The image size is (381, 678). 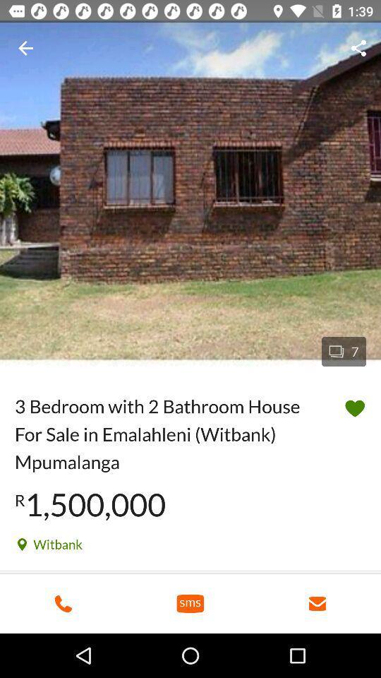 I want to click on message icon which is at the bottom right corner of the page, so click(x=317, y=602).